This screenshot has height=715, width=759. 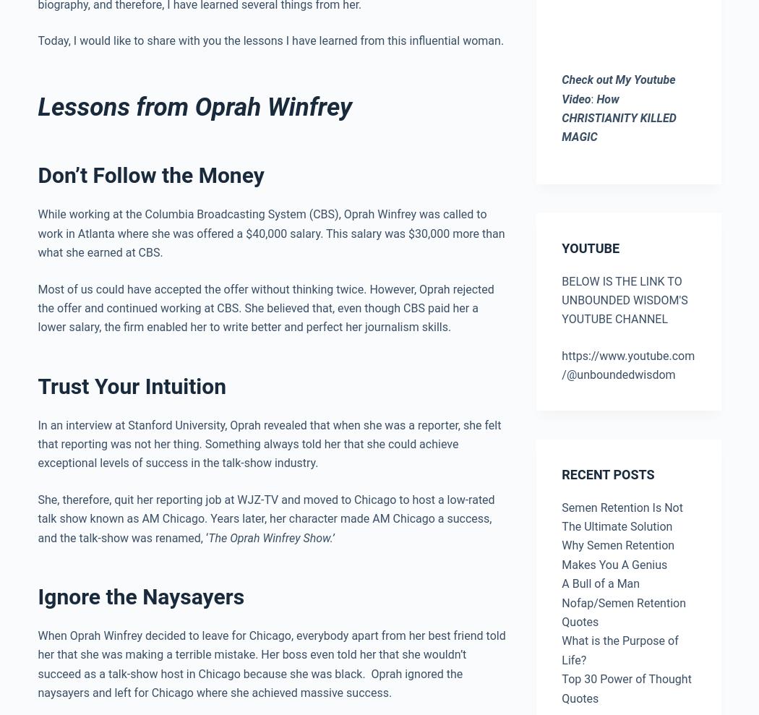 What do you see at coordinates (286, 129) in the screenshot?
I see `'I meant to say each person has to follow their own dreams and goals.'` at bounding box center [286, 129].